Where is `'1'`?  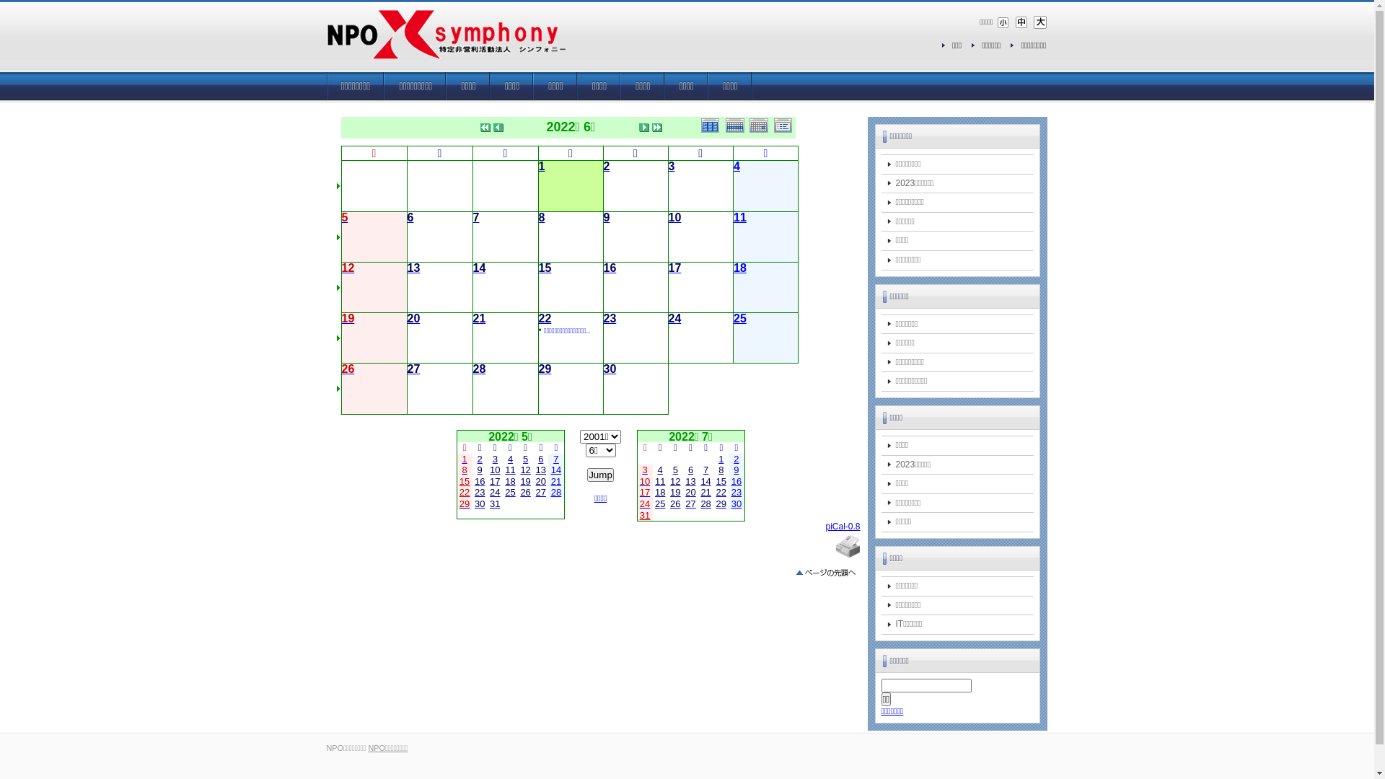
'1' is located at coordinates (540, 166).